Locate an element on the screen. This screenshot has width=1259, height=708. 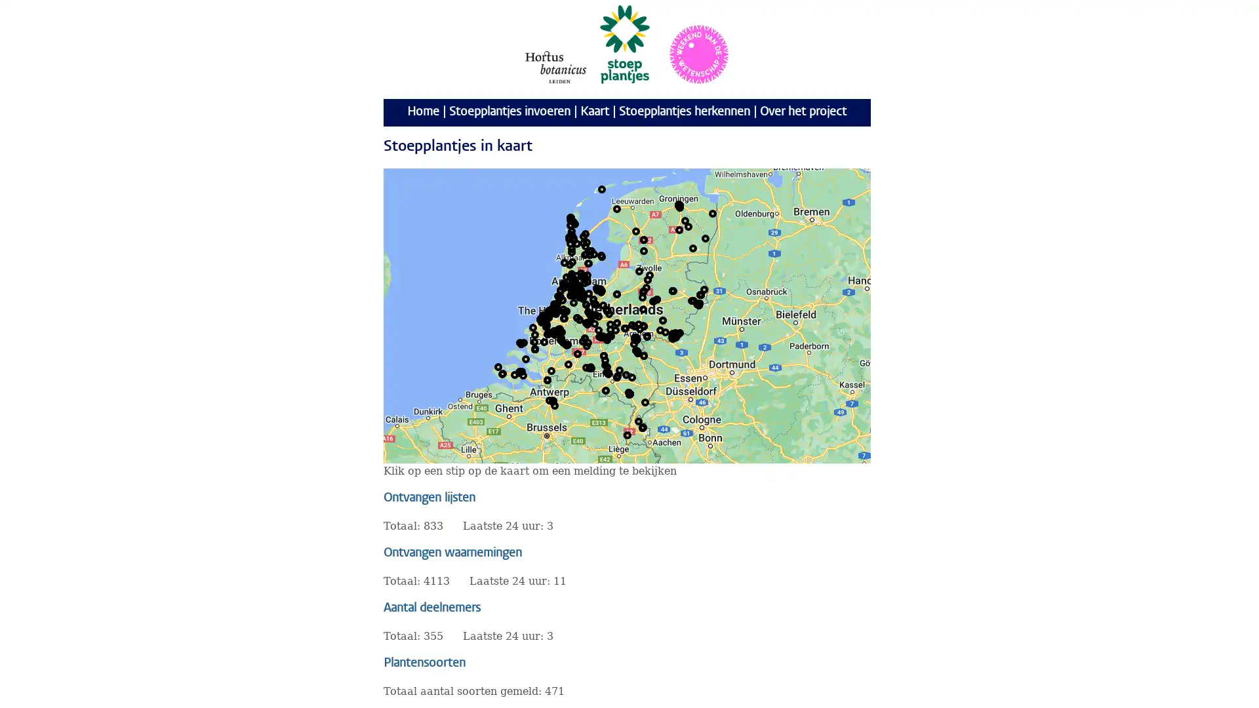
Telling van Herman op 18 januari 2022 is located at coordinates (644, 355).